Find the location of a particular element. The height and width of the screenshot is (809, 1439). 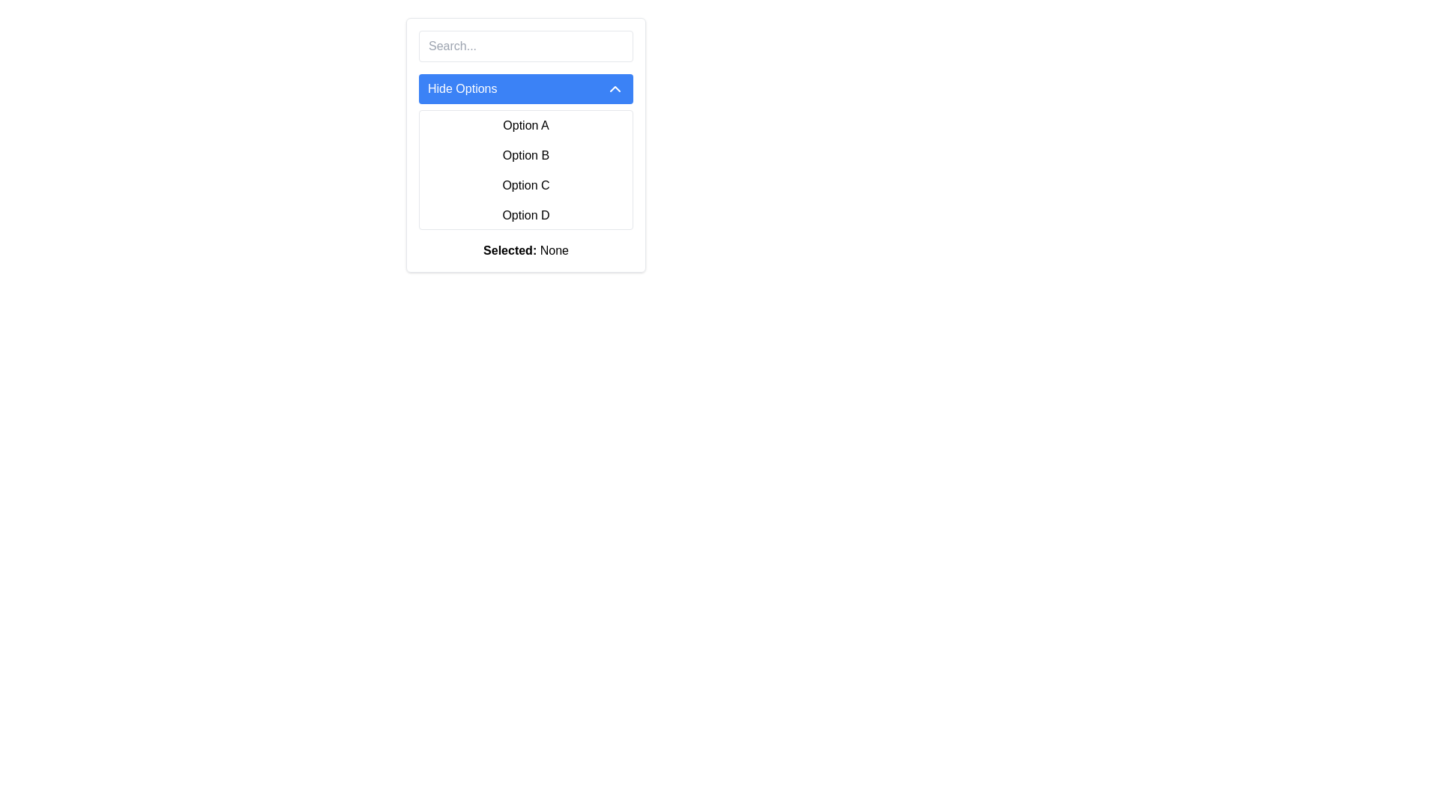

the fourth selectable option labeled 'Option D' in the dropdown list is located at coordinates (525, 216).